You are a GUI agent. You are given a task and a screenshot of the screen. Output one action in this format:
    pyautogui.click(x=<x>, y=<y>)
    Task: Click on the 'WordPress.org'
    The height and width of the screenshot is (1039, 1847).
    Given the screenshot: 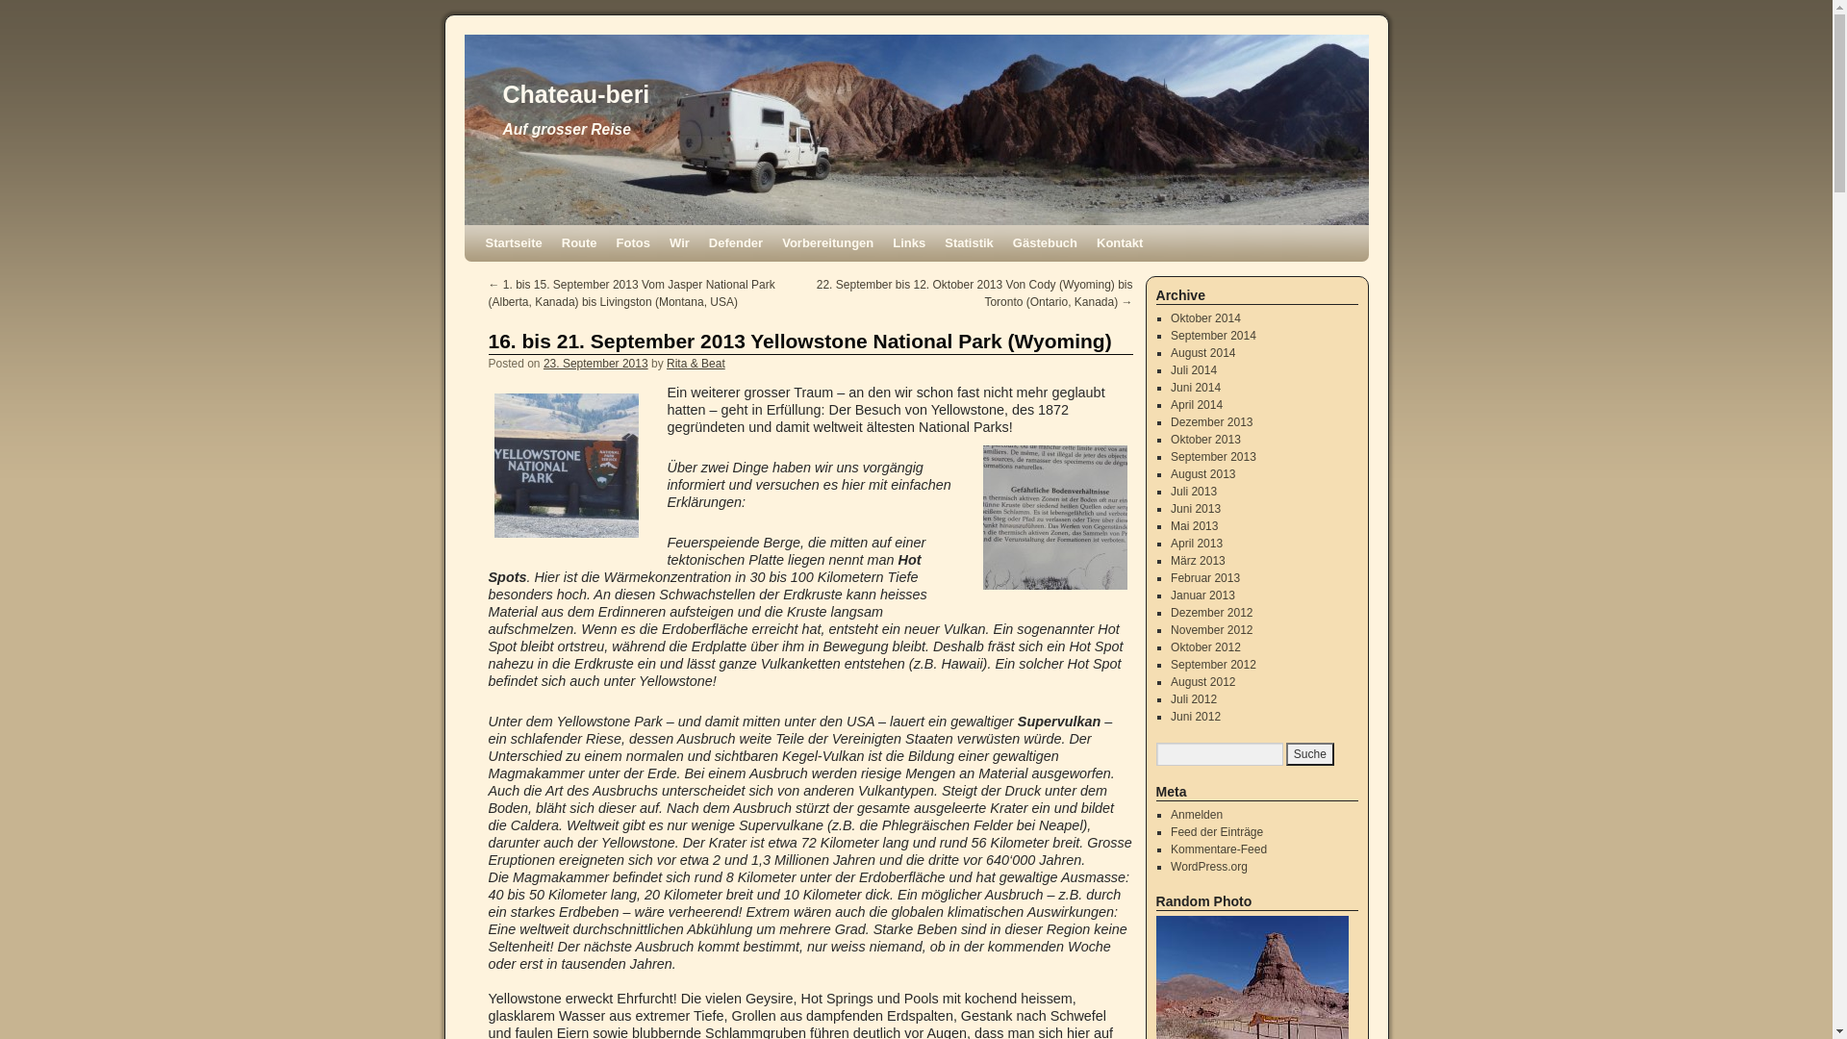 What is the action you would take?
    pyautogui.click(x=1170, y=867)
    